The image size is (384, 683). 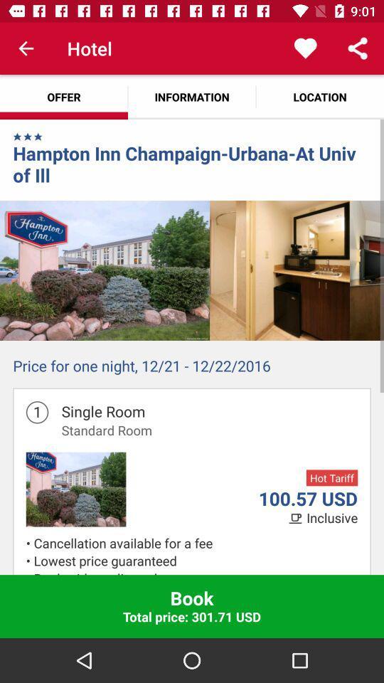 I want to click on hampton inn champaign item, so click(x=192, y=164).